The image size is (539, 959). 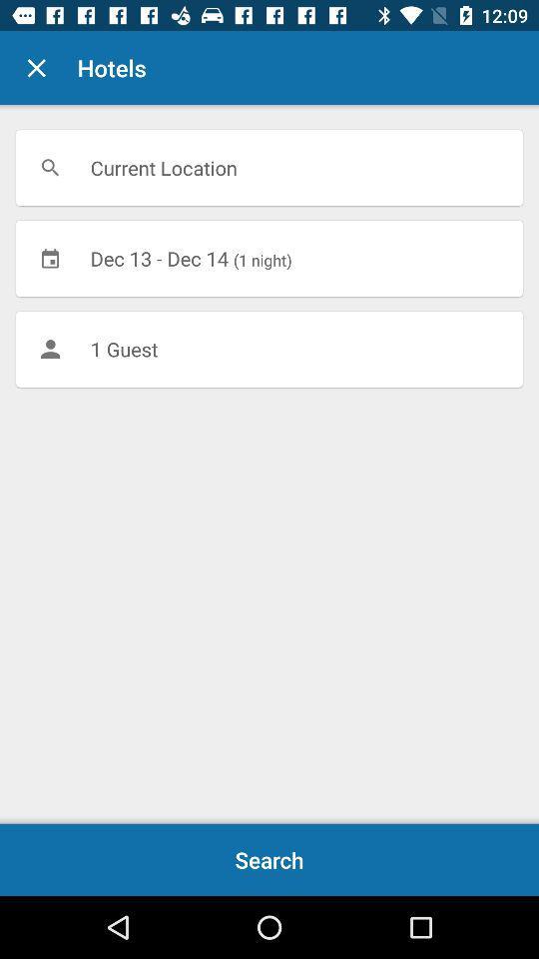 What do you see at coordinates (269, 167) in the screenshot?
I see `current location` at bounding box center [269, 167].